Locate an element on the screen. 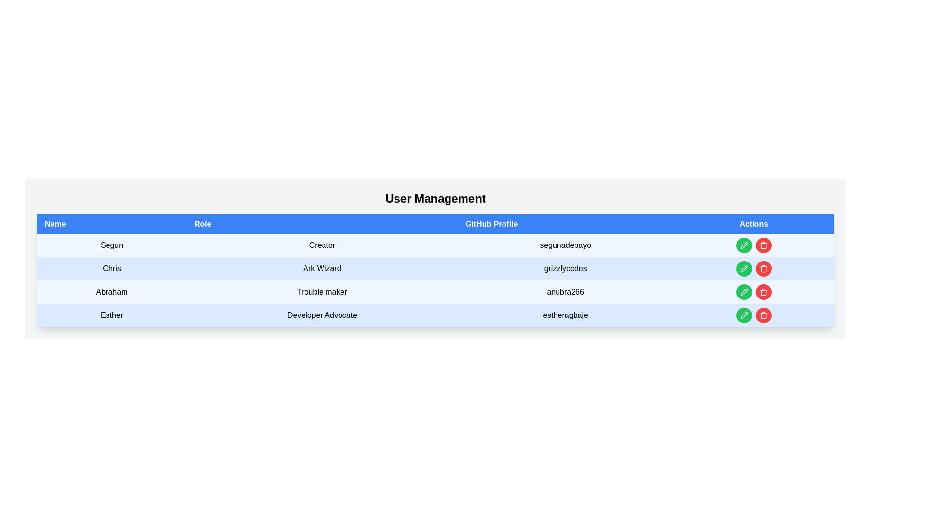  the text display showing 'anubra266' in the third row under the 'GitHub Profile' column of the table is located at coordinates (565, 292).